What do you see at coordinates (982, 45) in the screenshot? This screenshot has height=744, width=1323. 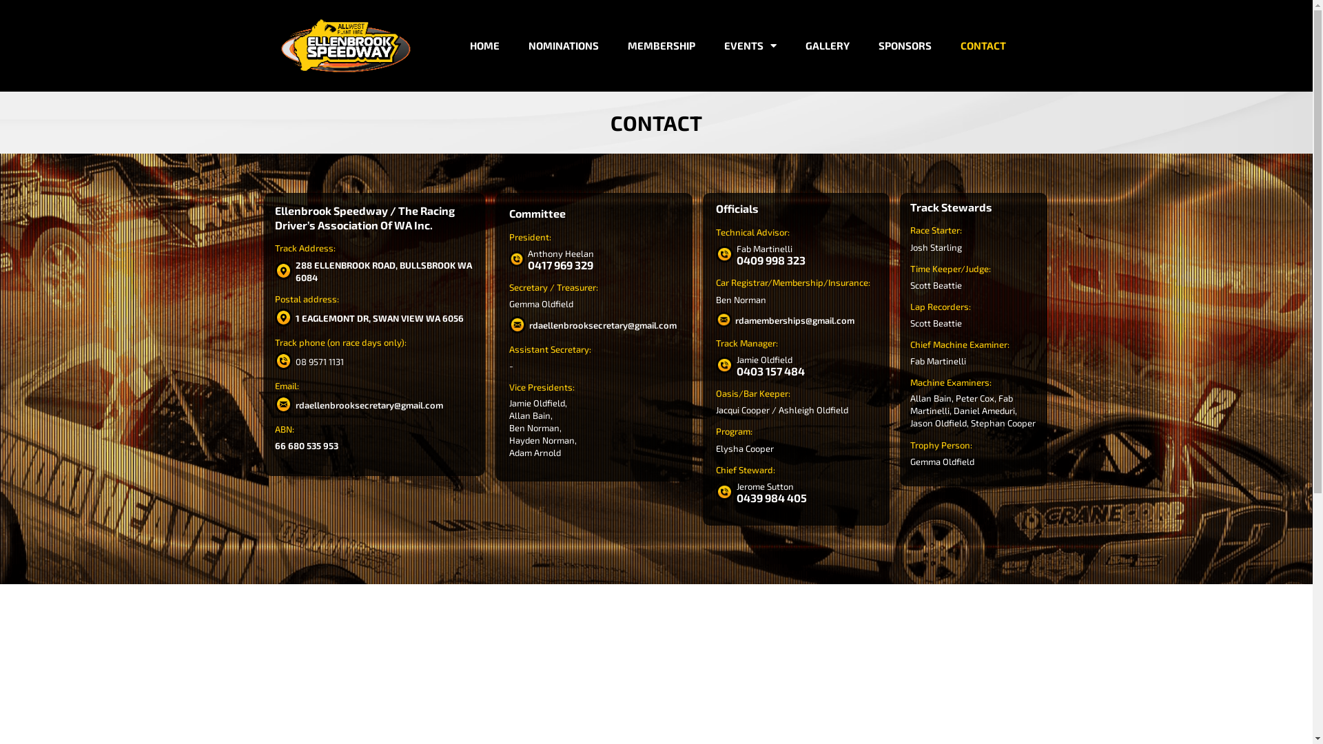 I see `'CONTACT'` at bounding box center [982, 45].